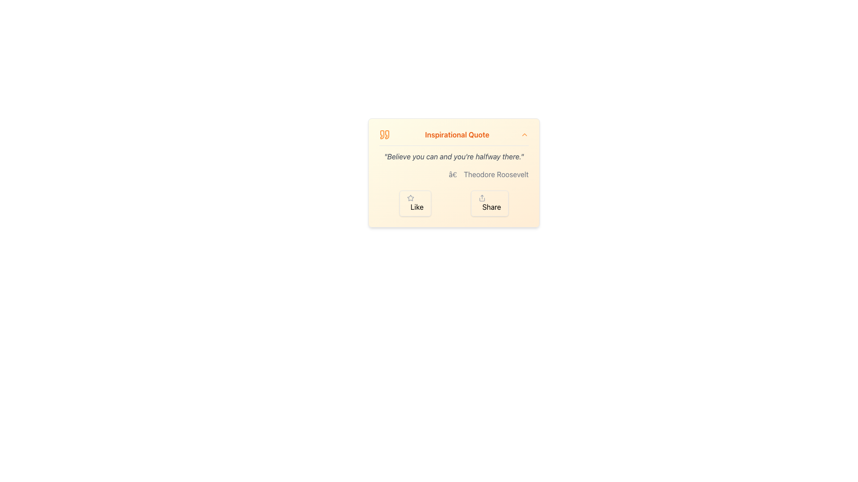 The height and width of the screenshot is (482, 858). I want to click on the button labeled 'Share' located in the bottom-right of the centered card interface, so click(491, 207).